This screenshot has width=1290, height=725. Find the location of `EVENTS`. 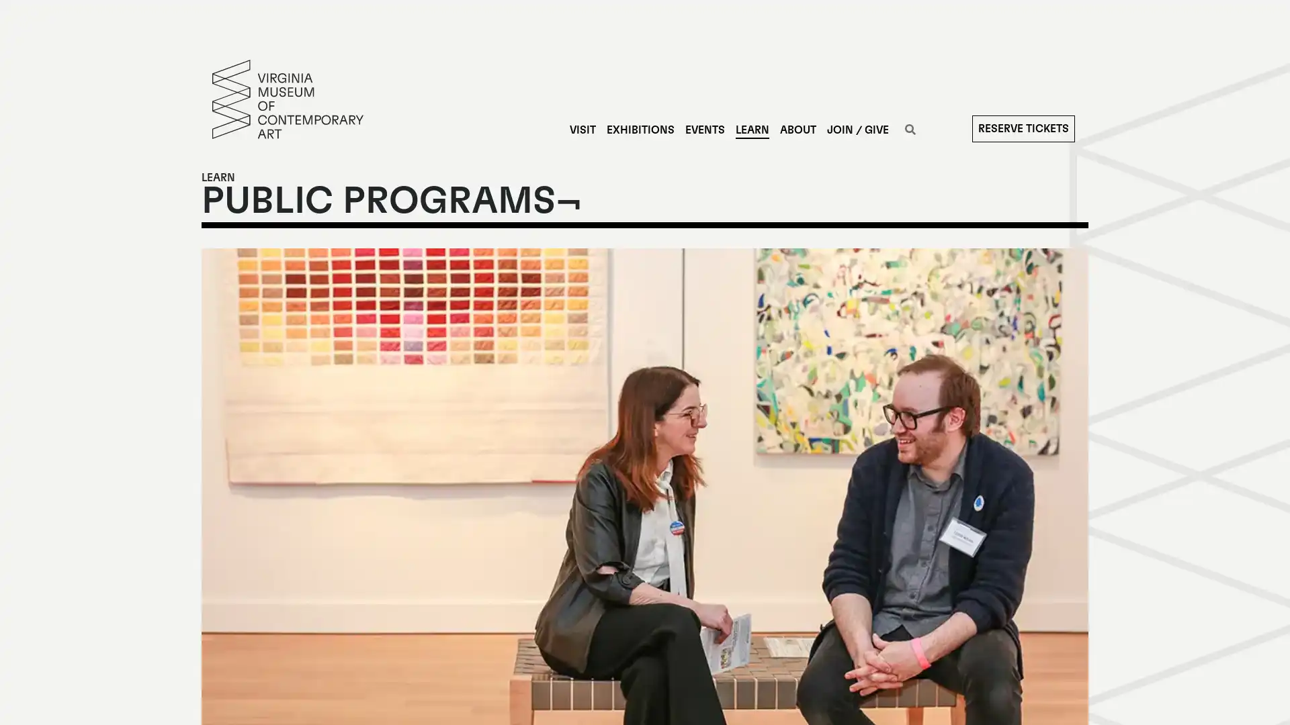

EVENTS is located at coordinates (703, 130).